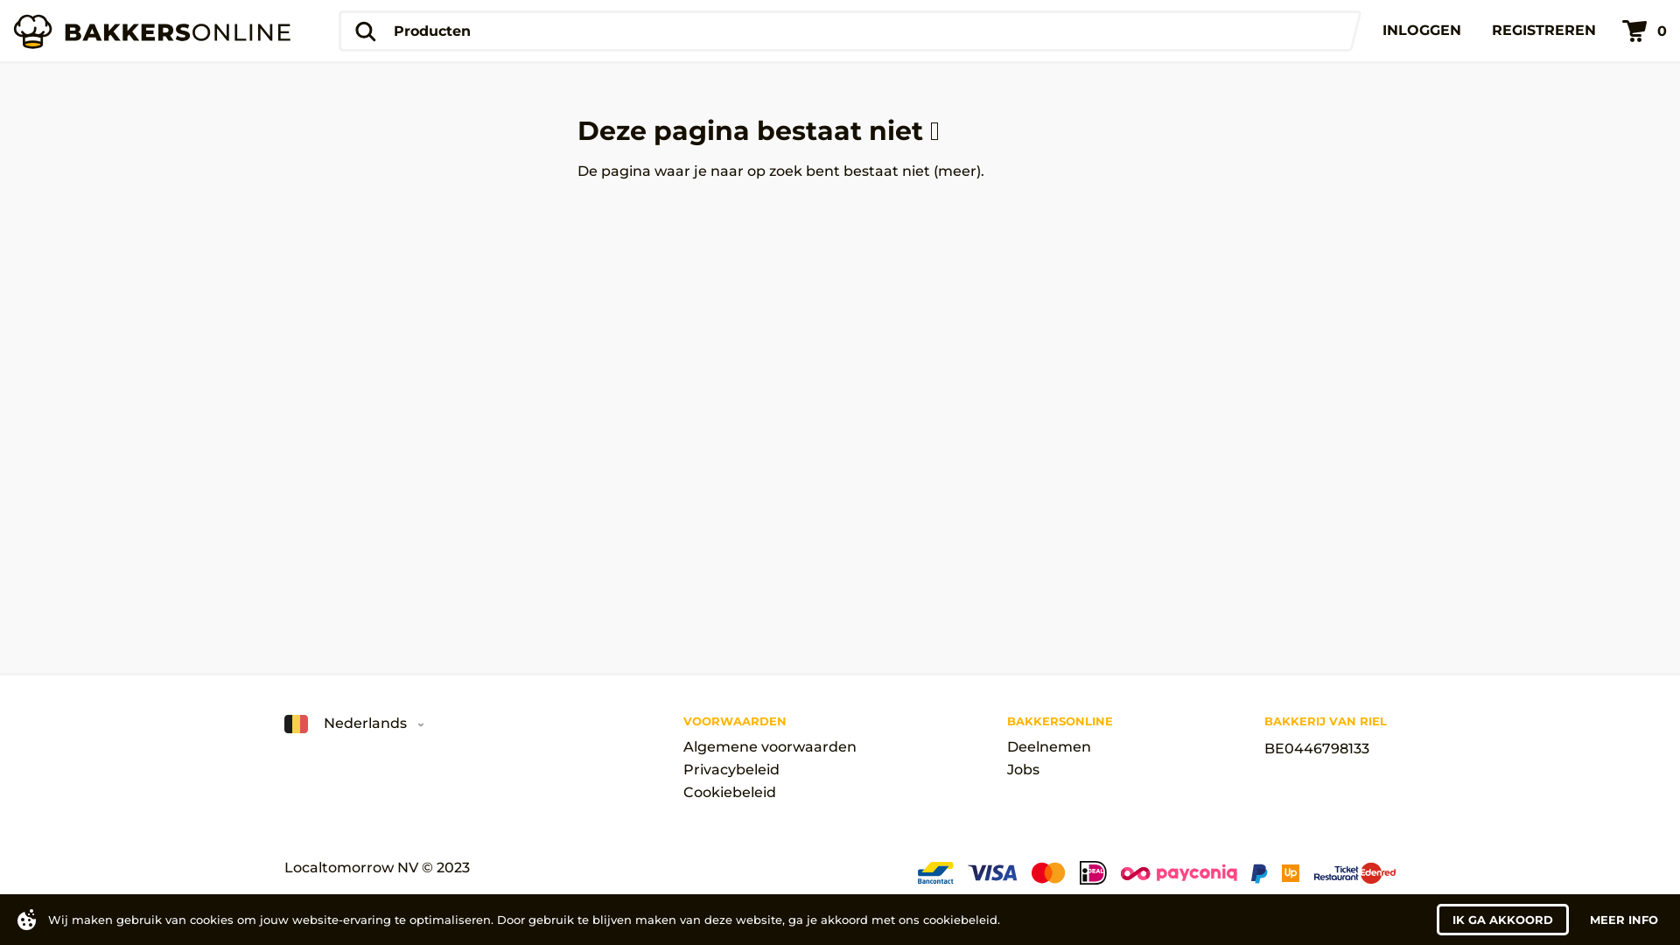  What do you see at coordinates (1623, 918) in the screenshot?
I see `'MEER INFO'` at bounding box center [1623, 918].